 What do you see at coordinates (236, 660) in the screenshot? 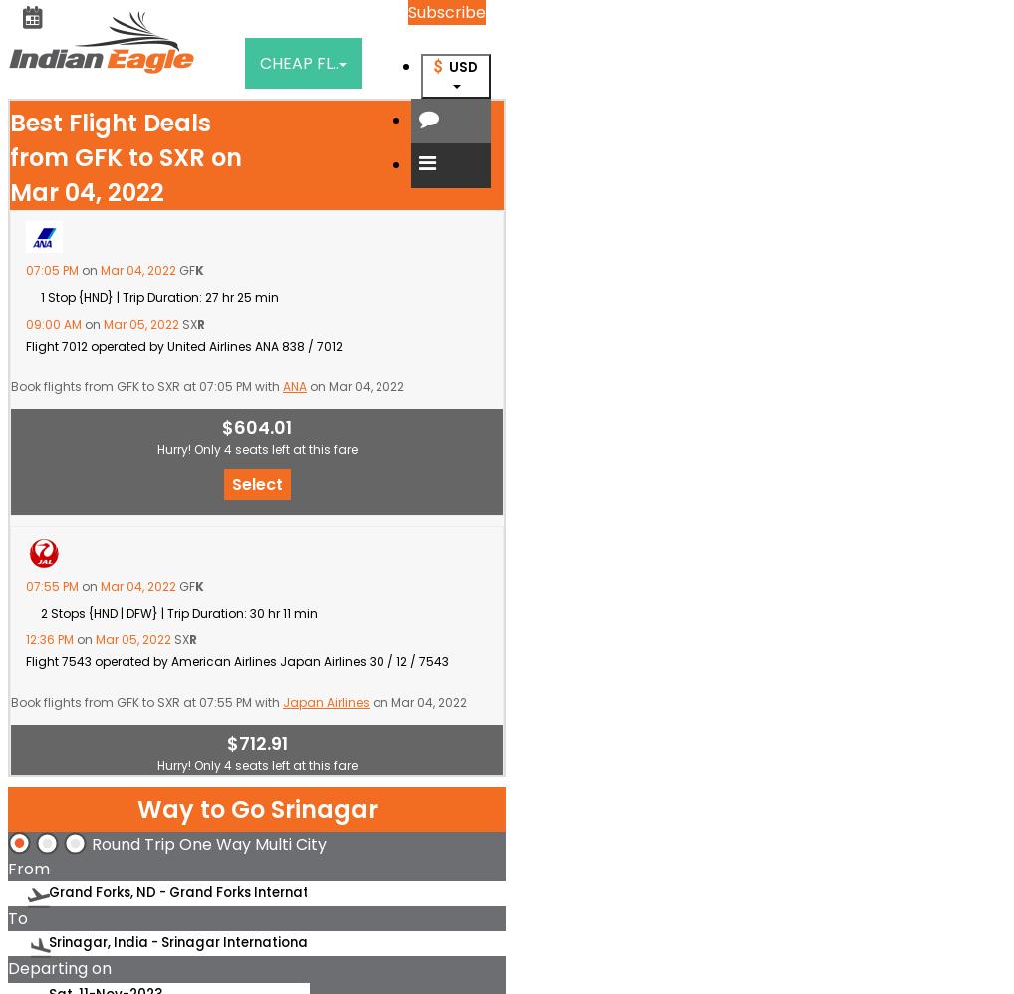
I see `'Flight 7543 operated by American Airlines Japan Airlines 30 / 12 / 7543'` at bounding box center [236, 660].